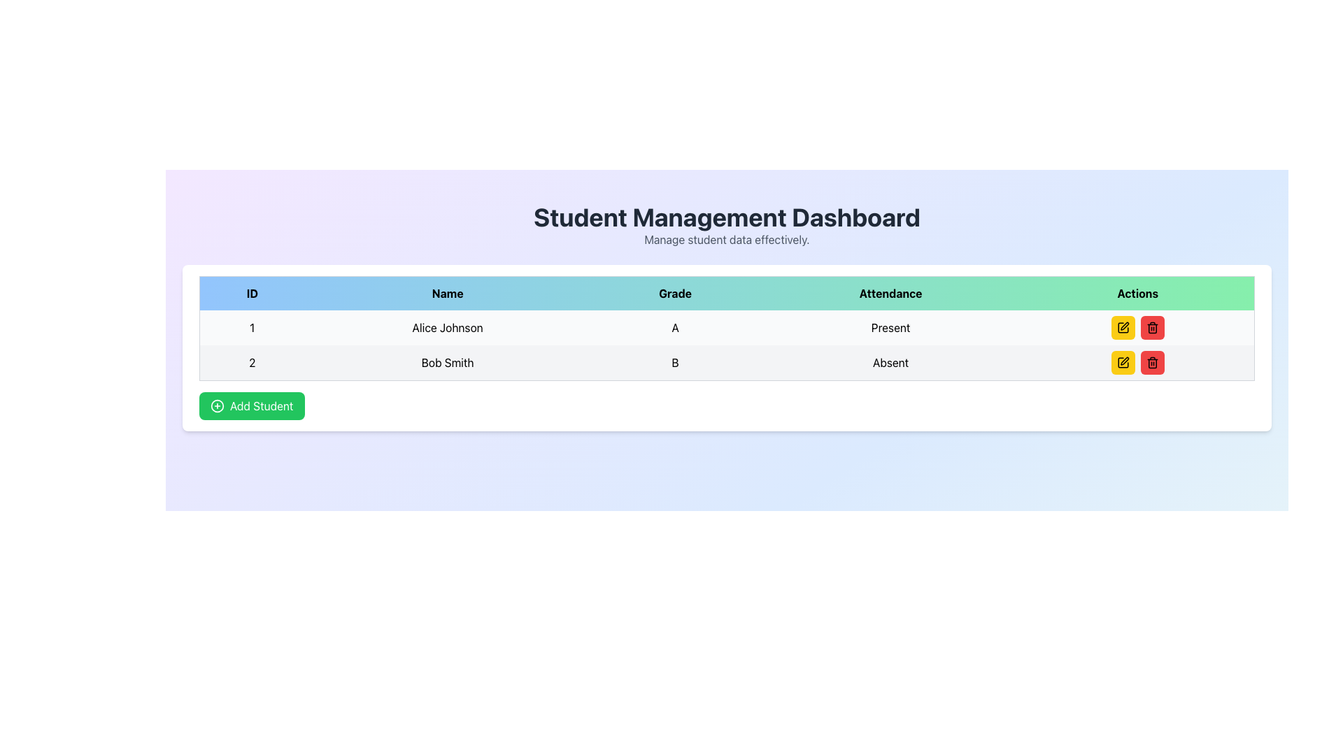  What do you see at coordinates (448, 292) in the screenshot?
I see `the static text label that serves as the column header for the 'Name' column in the table structure, located between the 'ID' and 'Grade' elements` at bounding box center [448, 292].